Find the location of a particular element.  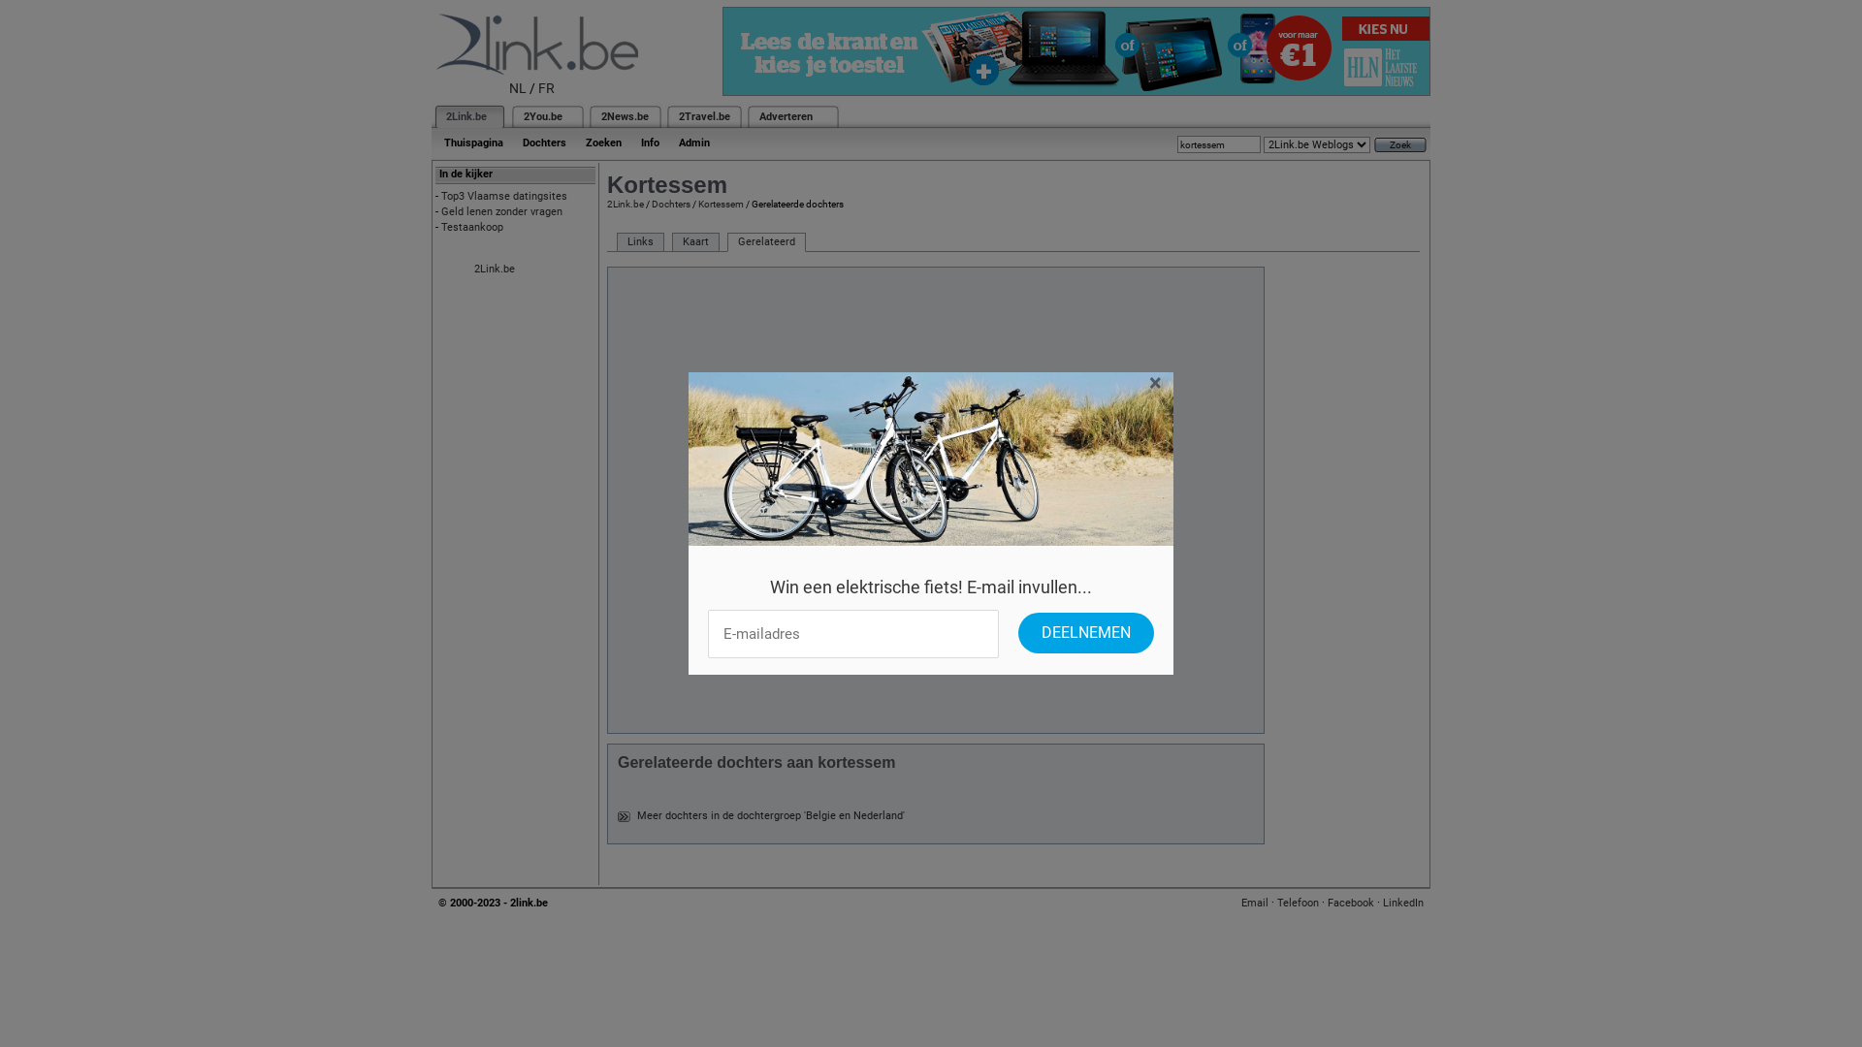

'Thuispagina' is located at coordinates (473, 142).